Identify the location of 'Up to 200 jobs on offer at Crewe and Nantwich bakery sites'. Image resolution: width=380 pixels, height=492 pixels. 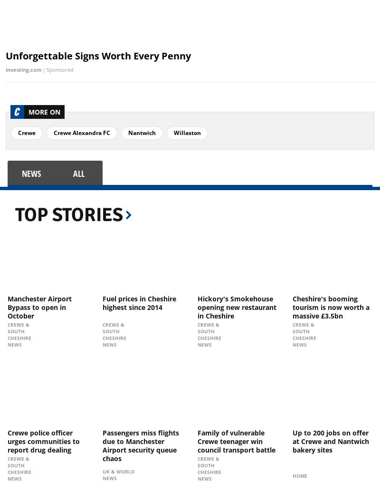
(331, 440).